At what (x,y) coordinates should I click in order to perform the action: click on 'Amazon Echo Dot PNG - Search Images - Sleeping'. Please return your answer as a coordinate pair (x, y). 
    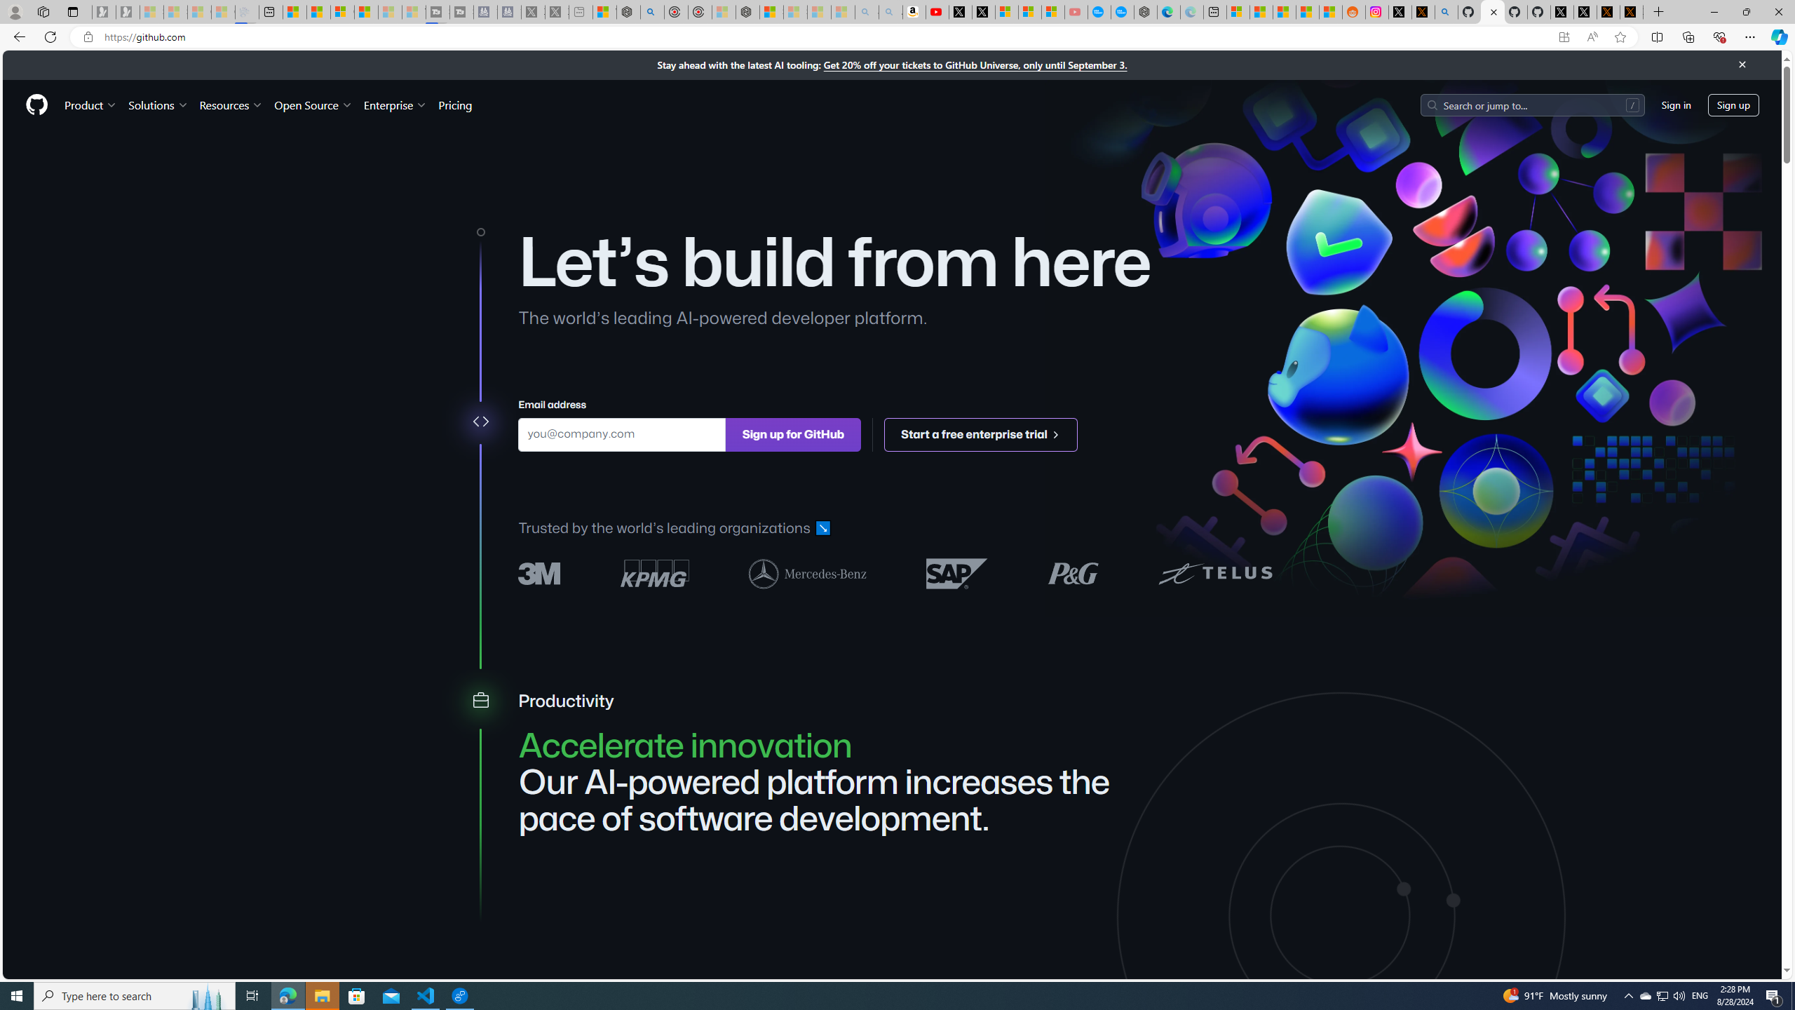
    Looking at the image, I should click on (889, 11).